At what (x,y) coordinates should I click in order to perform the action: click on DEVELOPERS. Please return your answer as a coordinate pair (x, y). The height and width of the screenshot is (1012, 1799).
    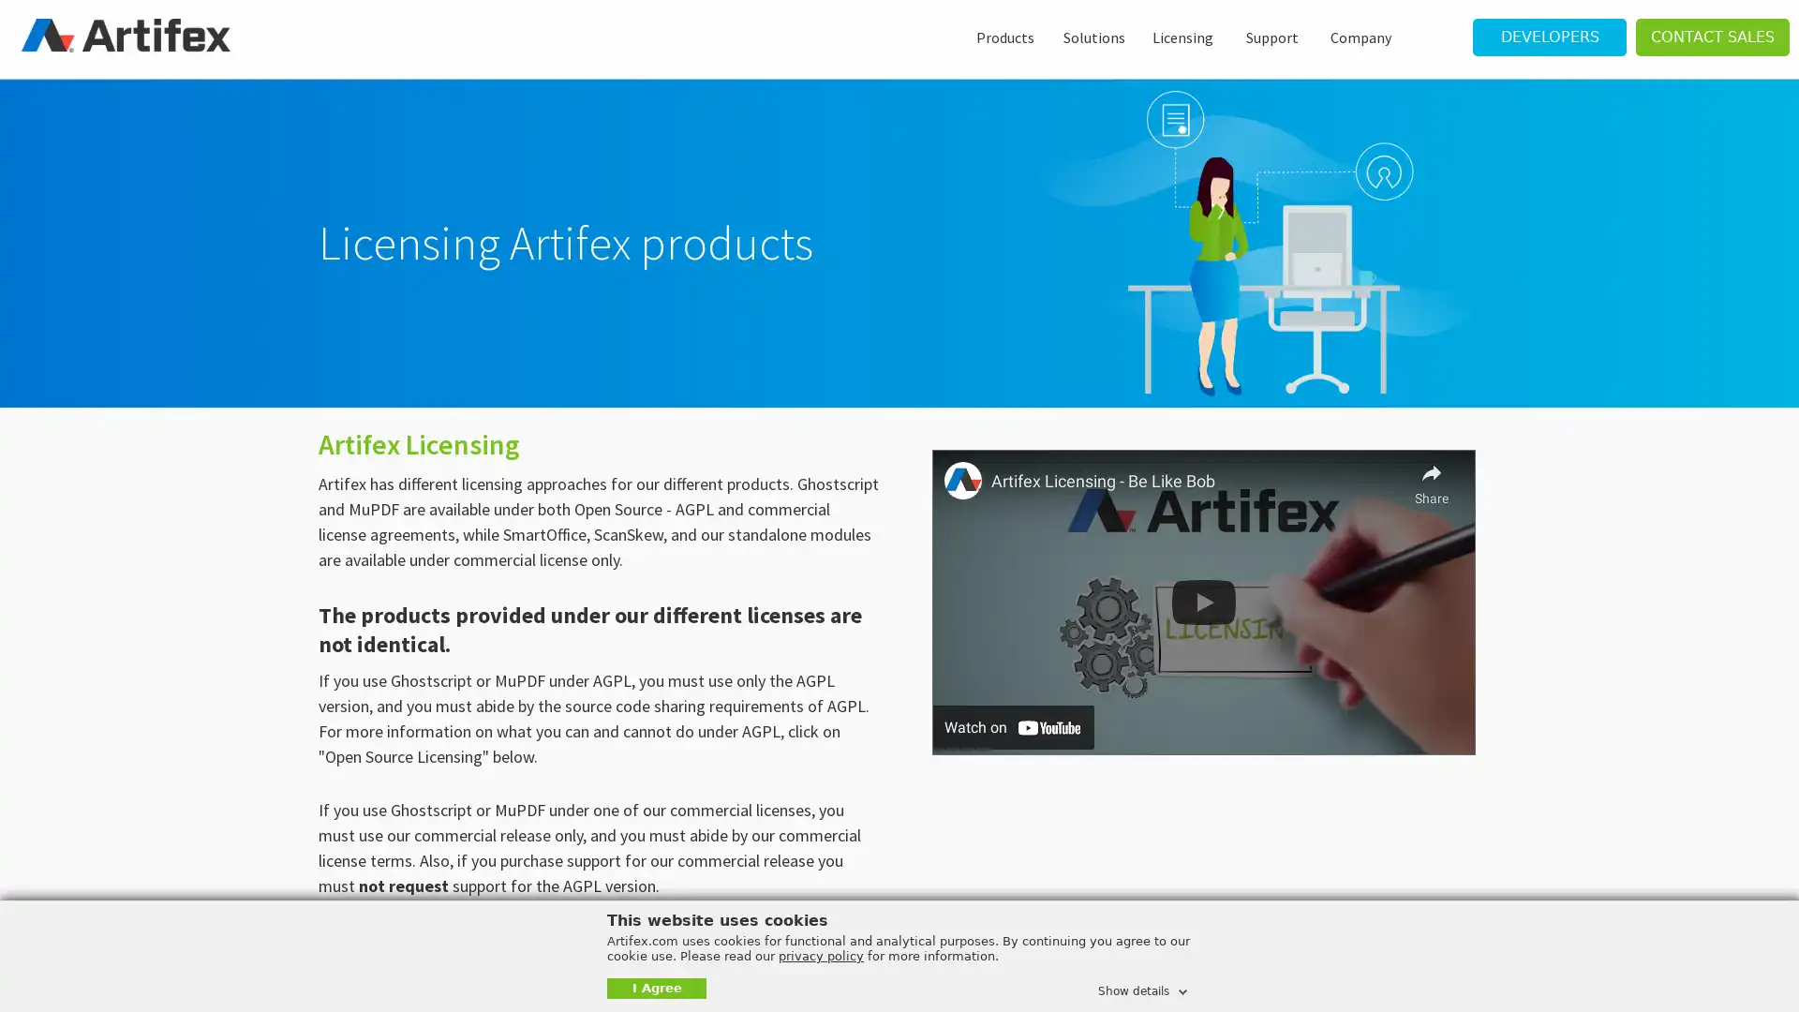
    Looking at the image, I should click on (1550, 37).